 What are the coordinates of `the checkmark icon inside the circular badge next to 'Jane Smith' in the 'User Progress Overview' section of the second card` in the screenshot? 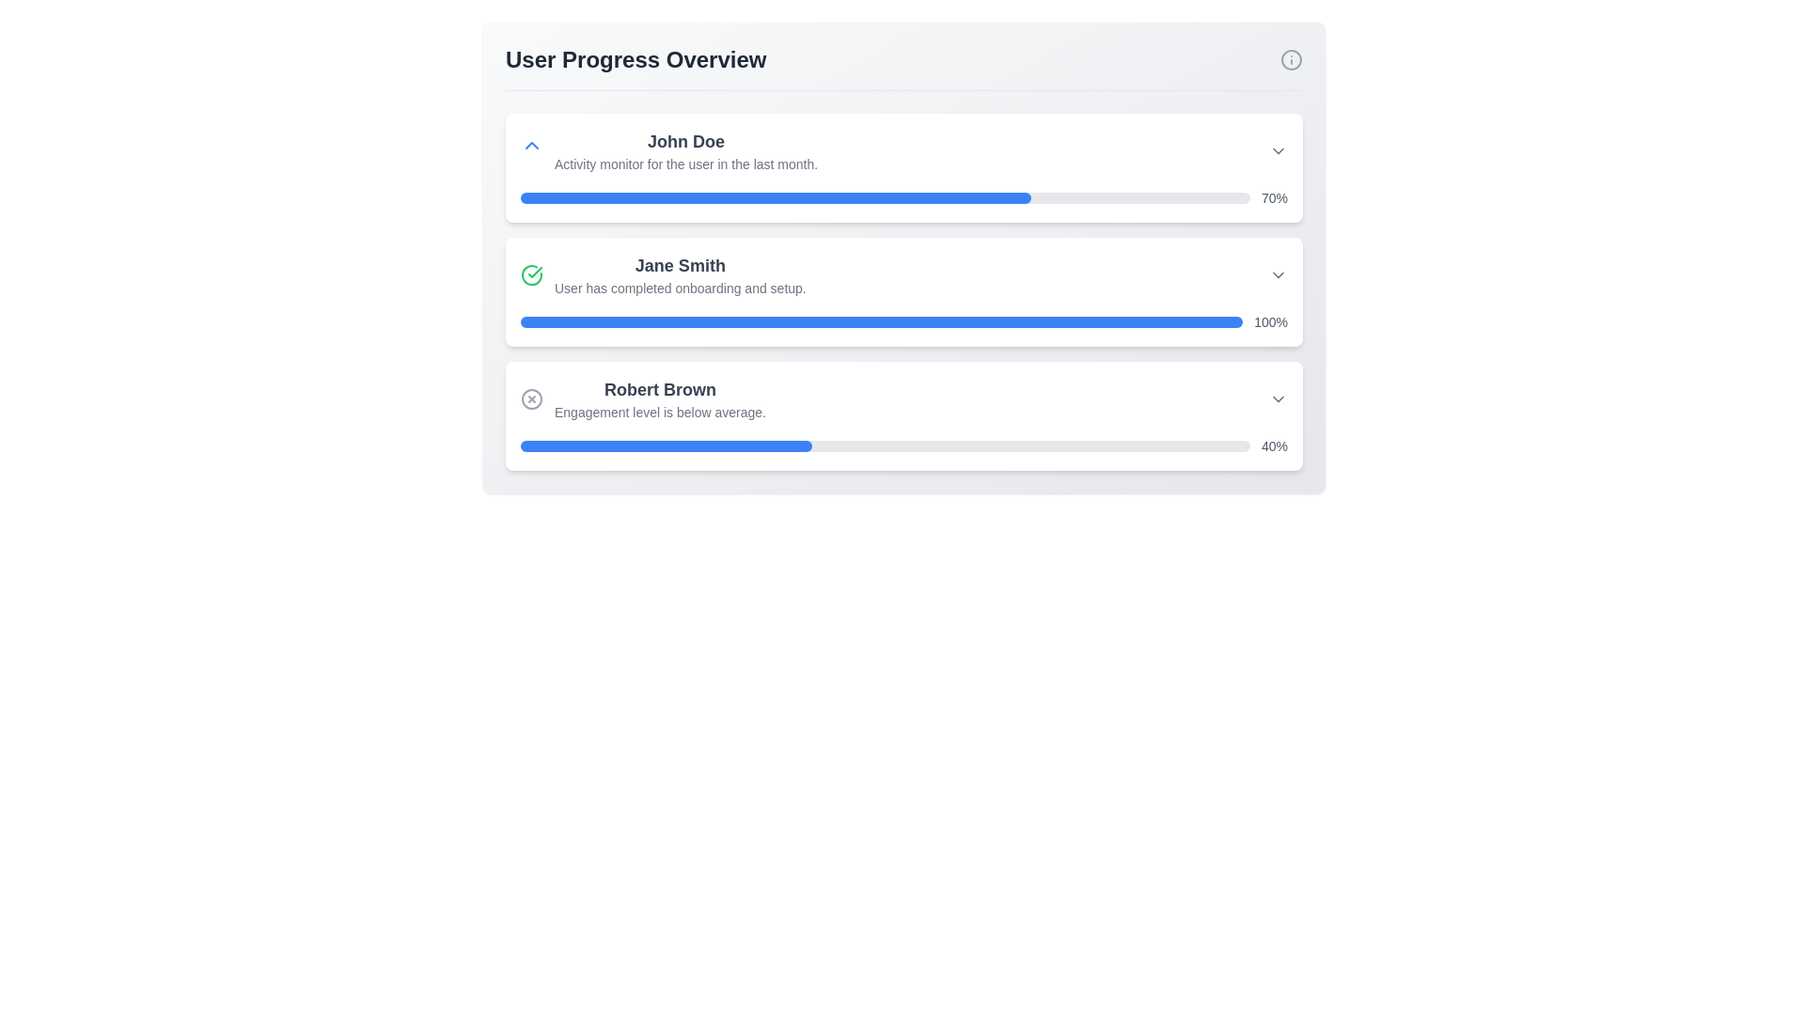 It's located at (534, 272).